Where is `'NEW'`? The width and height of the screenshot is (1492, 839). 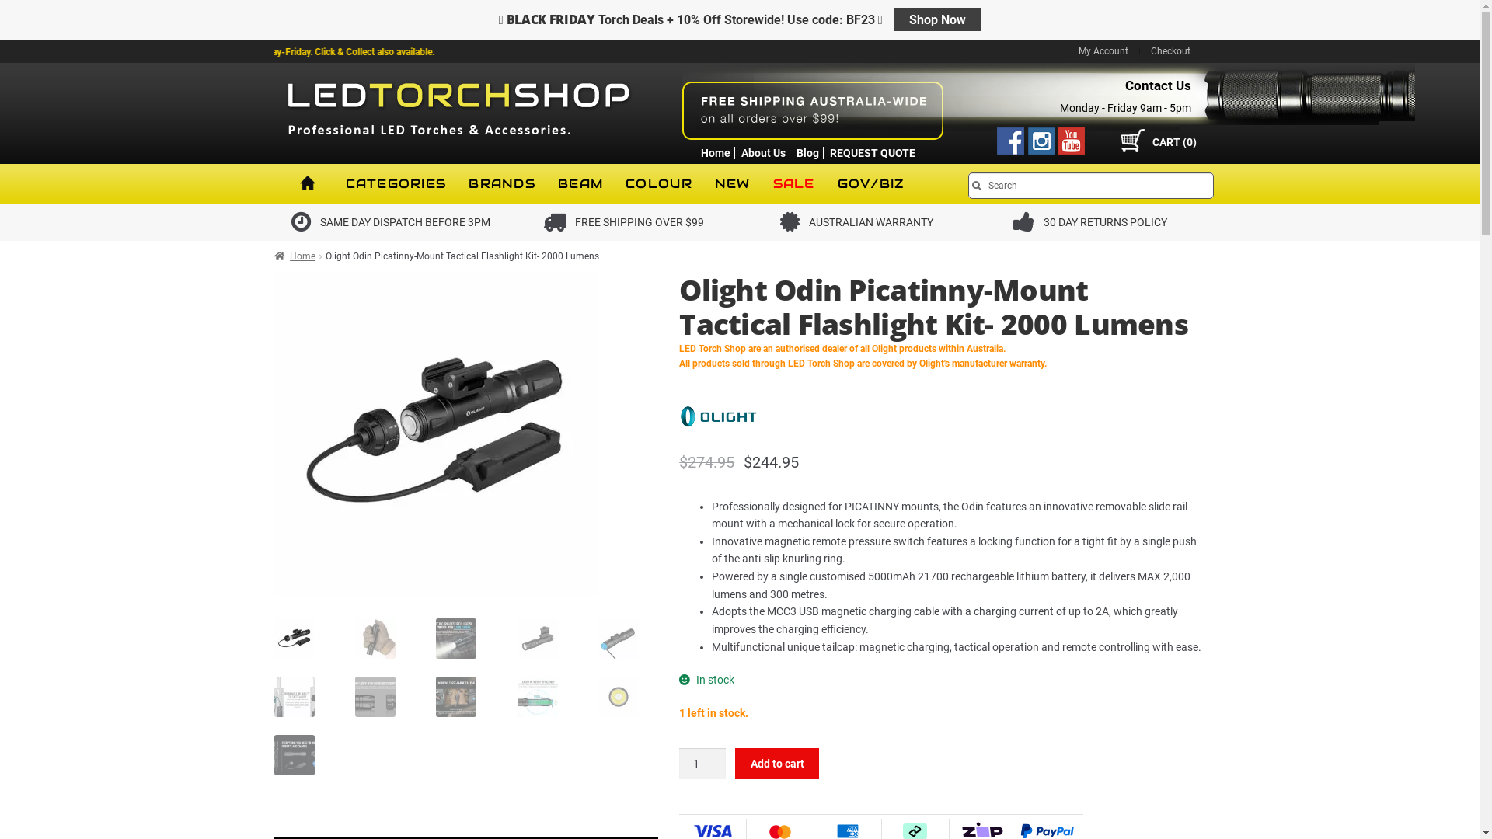 'NEW' is located at coordinates (731, 183).